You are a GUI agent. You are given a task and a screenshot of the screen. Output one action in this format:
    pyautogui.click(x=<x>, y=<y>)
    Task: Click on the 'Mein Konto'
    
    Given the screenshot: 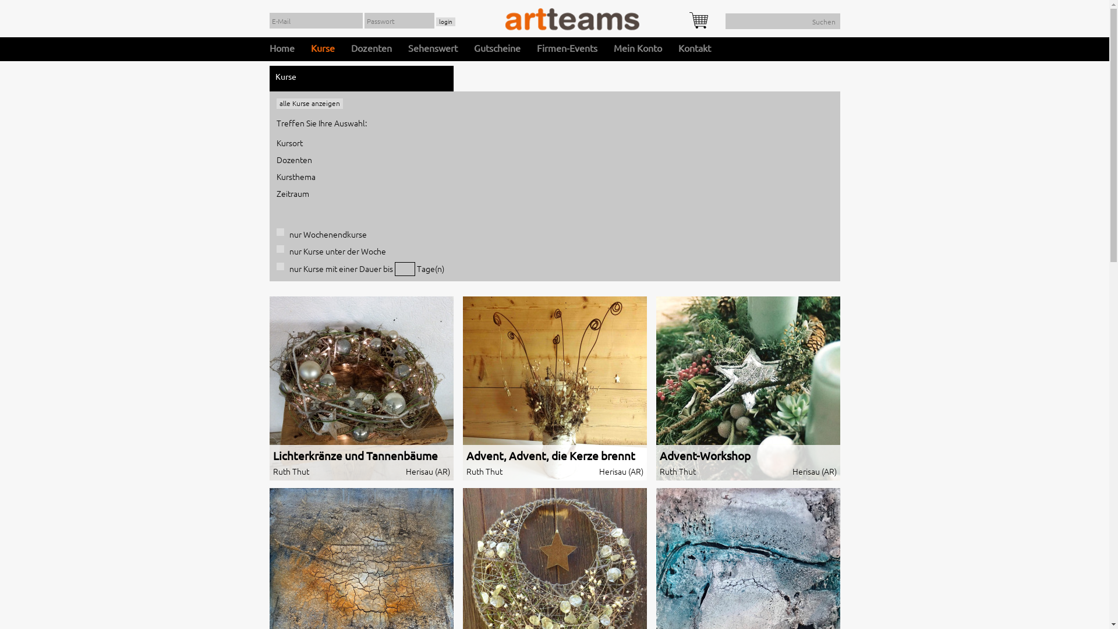 What is the action you would take?
    pyautogui.click(x=637, y=48)
    